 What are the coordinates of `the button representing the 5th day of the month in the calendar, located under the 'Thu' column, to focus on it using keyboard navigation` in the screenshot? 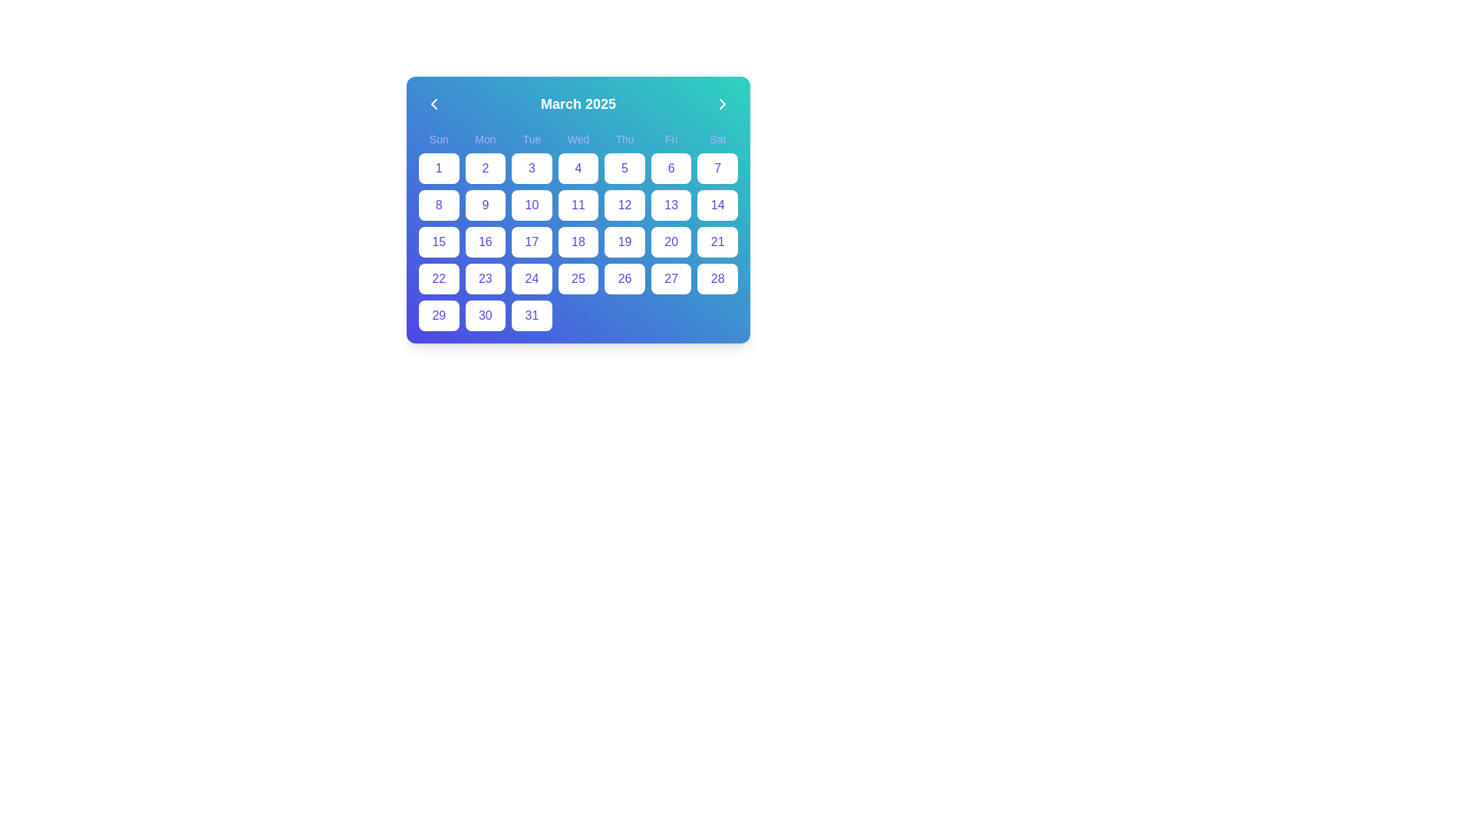 It's located at (624, 168).